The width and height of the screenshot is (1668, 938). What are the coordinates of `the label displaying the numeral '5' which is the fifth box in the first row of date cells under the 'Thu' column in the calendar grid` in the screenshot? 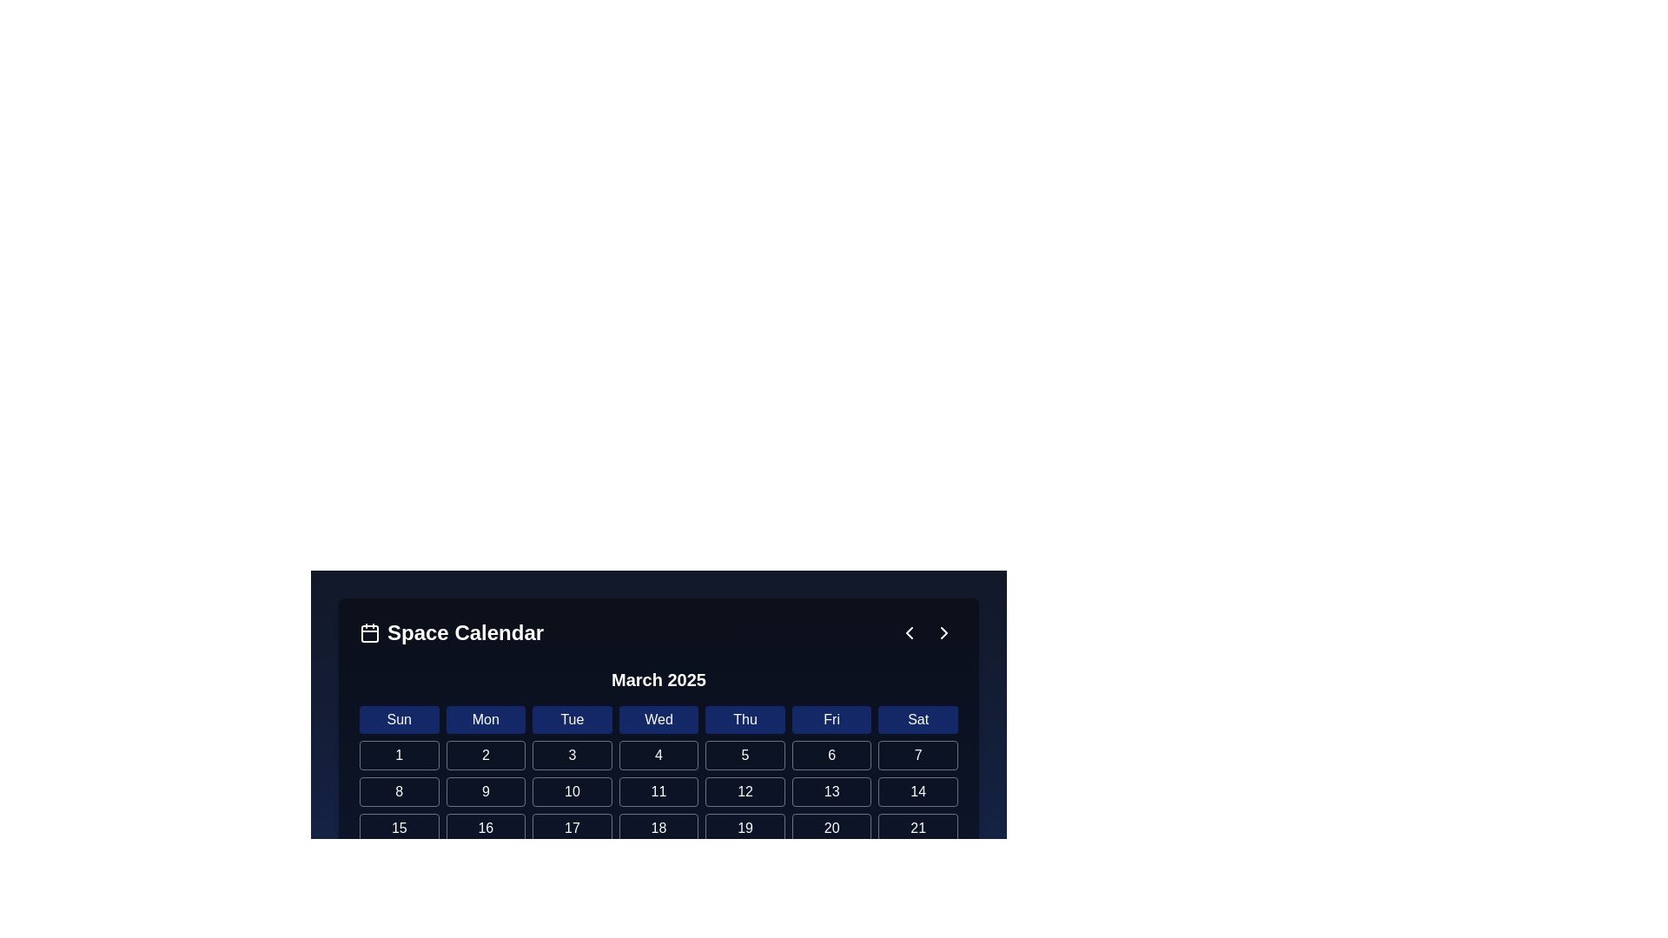 It's located at (745, 755).